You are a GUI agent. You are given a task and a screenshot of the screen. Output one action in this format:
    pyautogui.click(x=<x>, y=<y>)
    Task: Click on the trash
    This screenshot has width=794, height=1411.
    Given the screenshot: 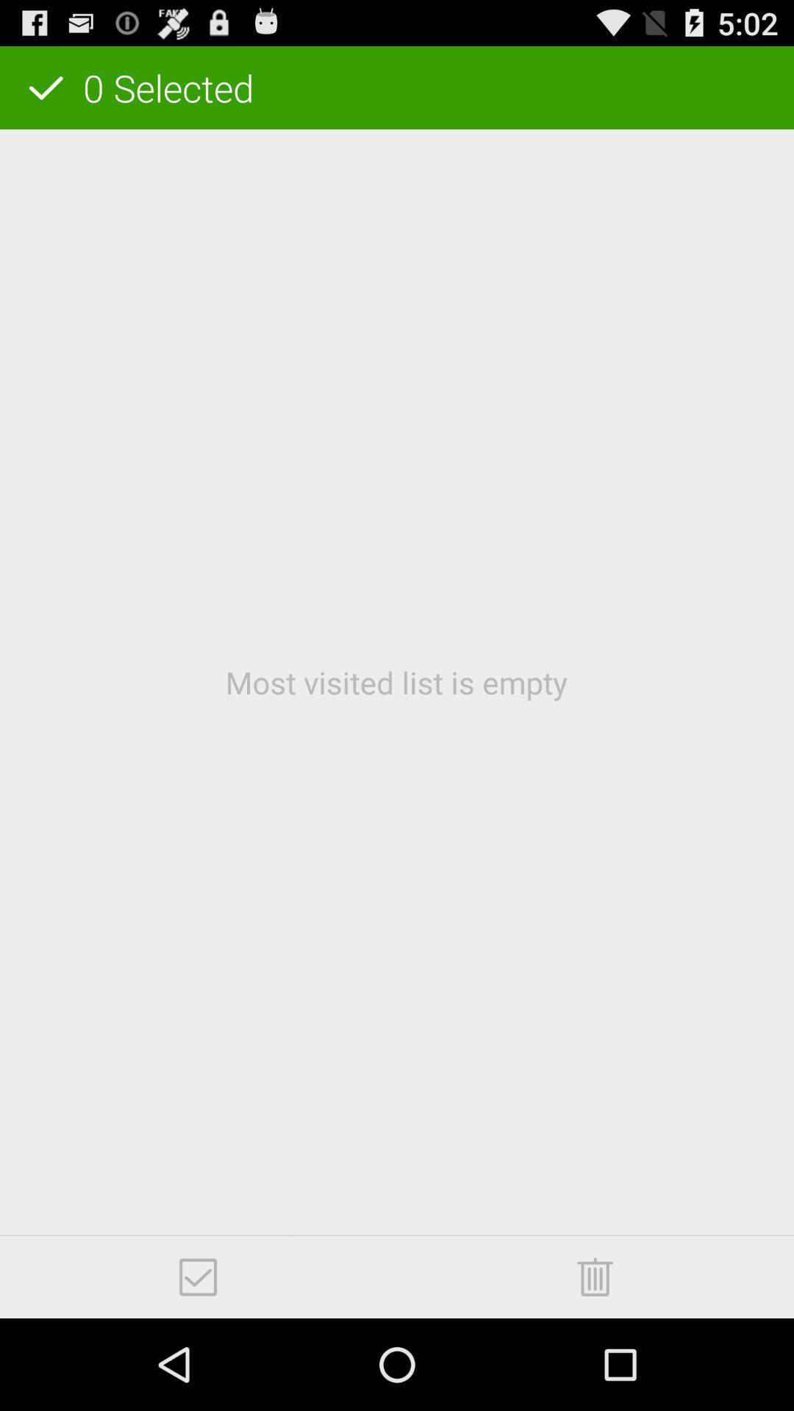 What is the action you would take?
    pyautogui.click(x=594, y=1276)
    